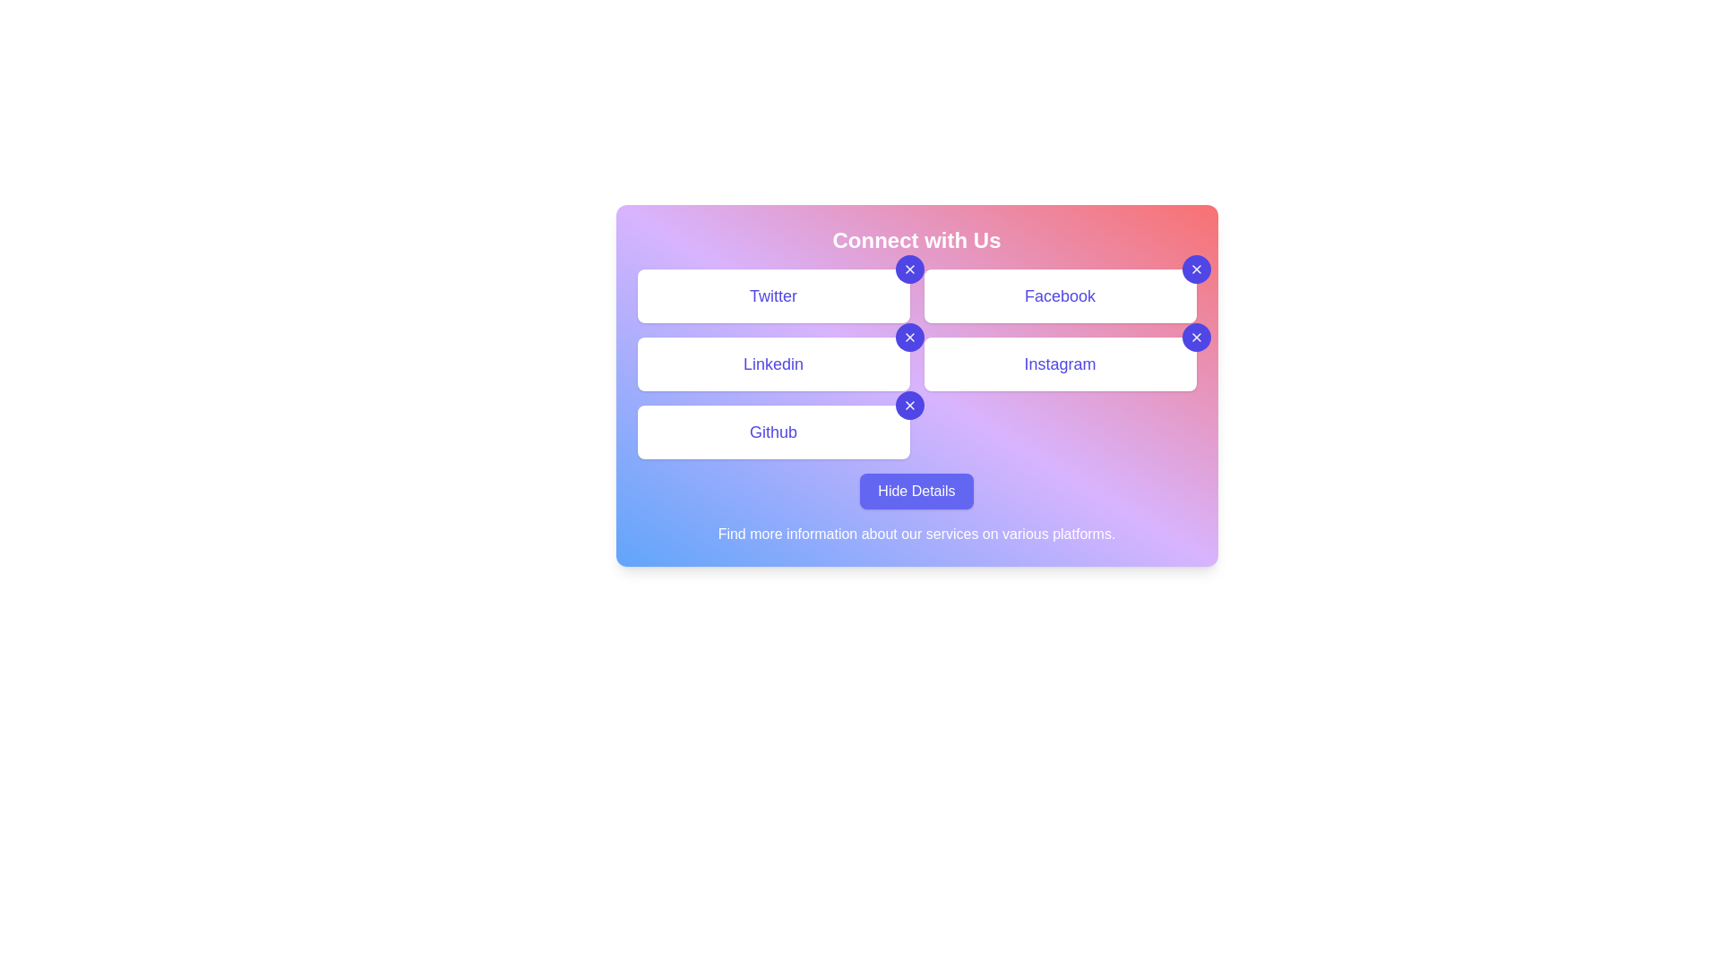  I want to click on the circular blue button with a white 'X' icon, so click(909, 405).